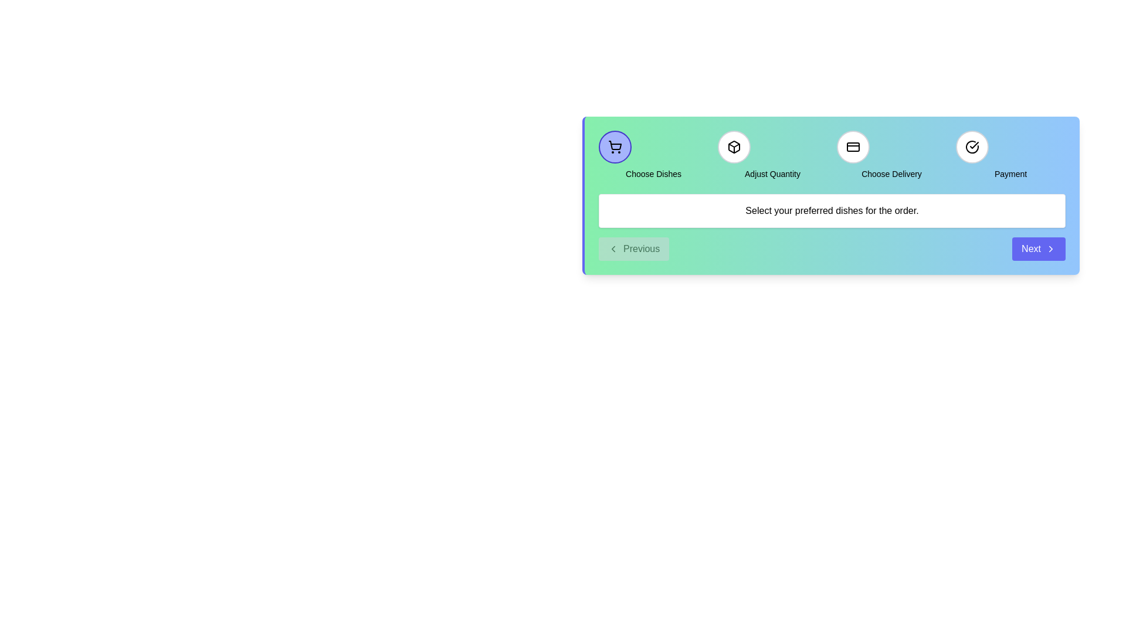 Image resolution: width=1126 pixels, height=633 pixels. I want to click on the 'Payment' icon in the top navigation bar, which is a circular element with gradient coloring indicating the payment stage in the process, so click(972, 146).